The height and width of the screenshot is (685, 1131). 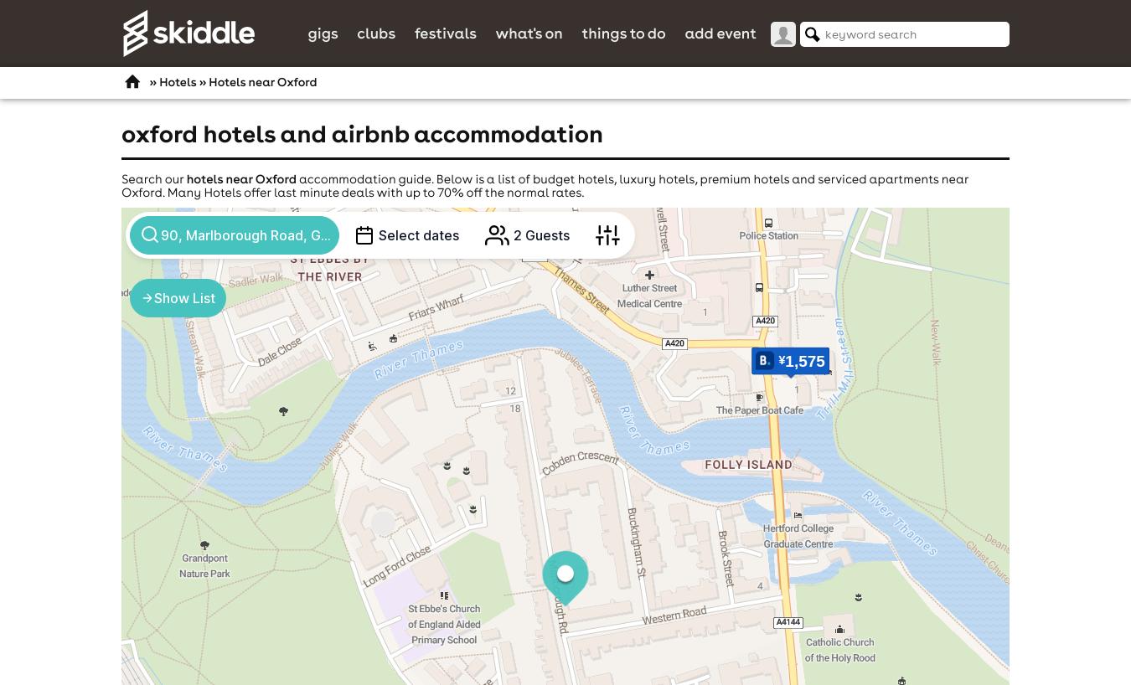 What do you see at coordinates (528, 31) in the screenshot?
I see `'What's On'` at bounding box center [528, 31].